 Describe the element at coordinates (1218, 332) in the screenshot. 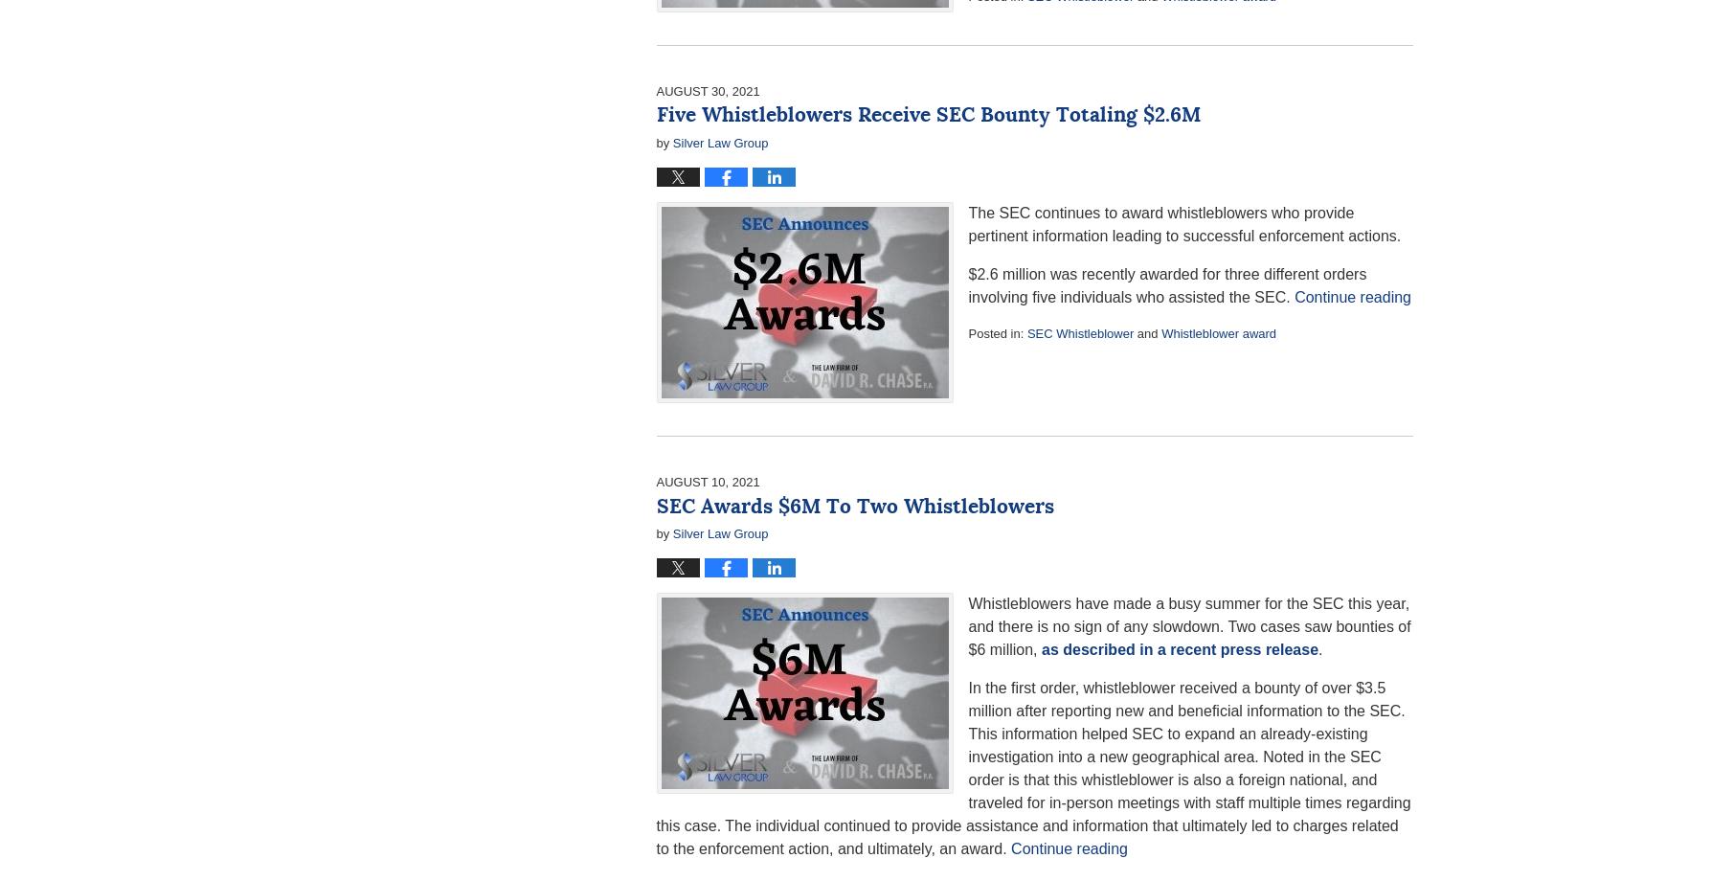

I see `'Whistleblower award'` at that location.